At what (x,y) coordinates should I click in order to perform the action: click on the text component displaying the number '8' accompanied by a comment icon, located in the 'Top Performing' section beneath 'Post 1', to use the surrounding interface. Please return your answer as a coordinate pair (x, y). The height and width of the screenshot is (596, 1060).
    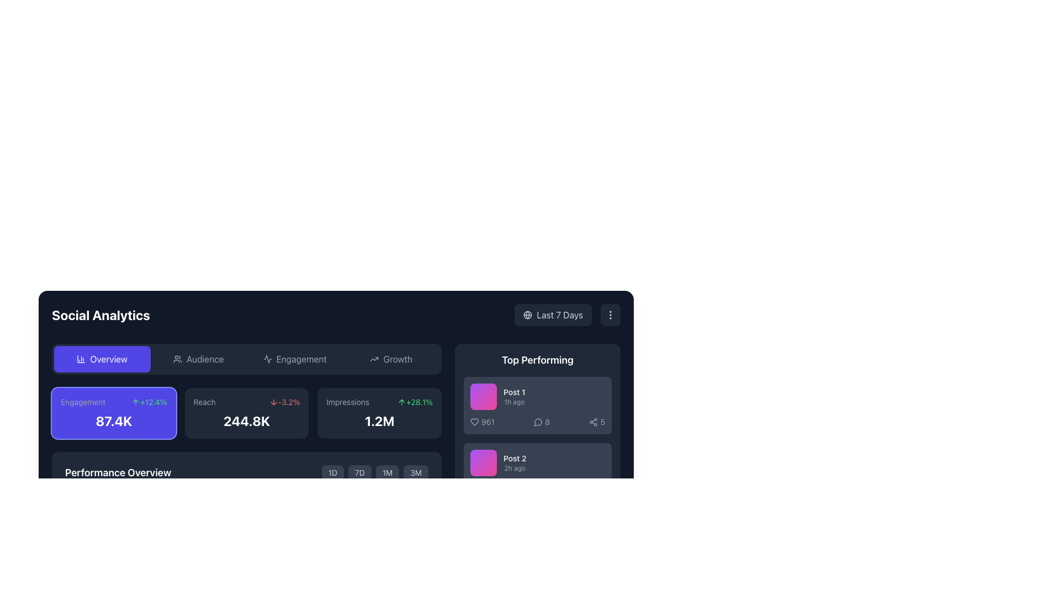
    Looking at the image, I should click on (538, 422).